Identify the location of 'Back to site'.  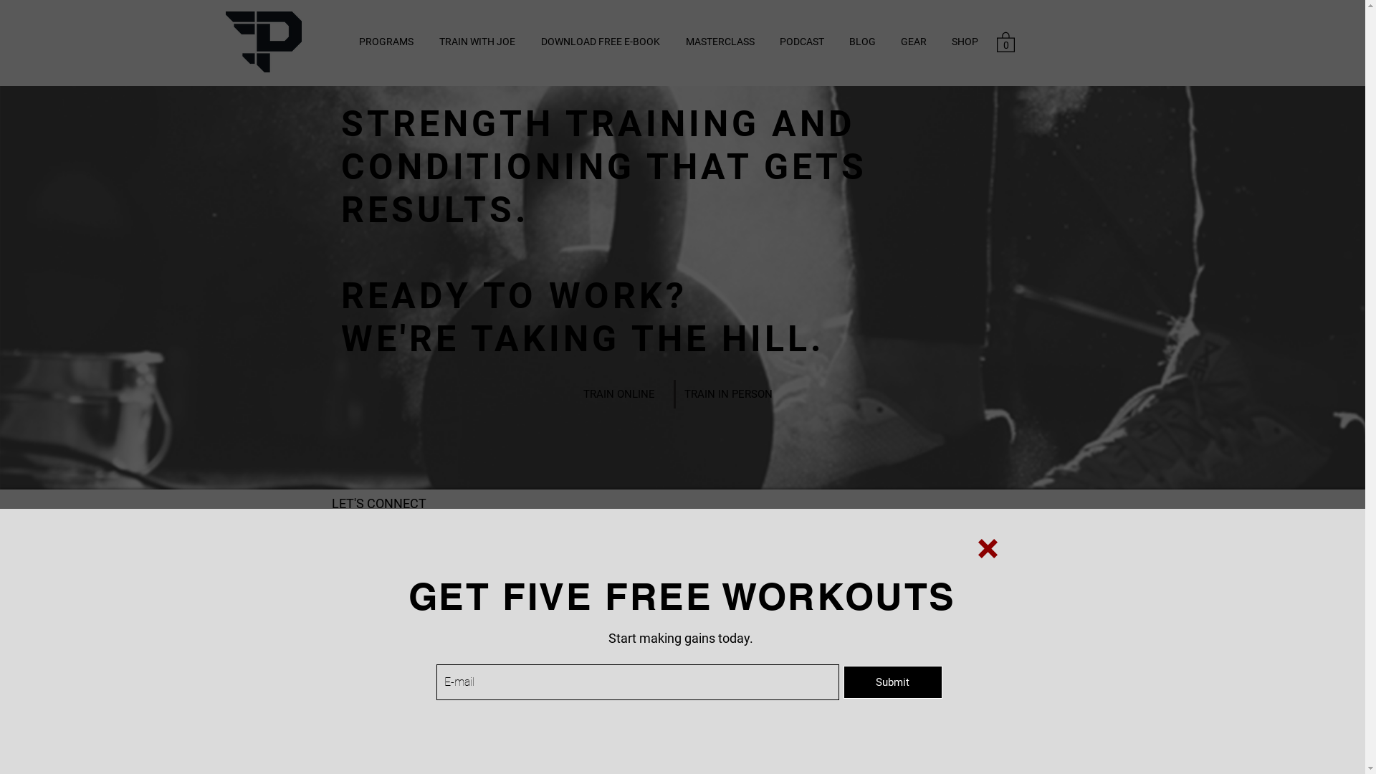
(986, 548).